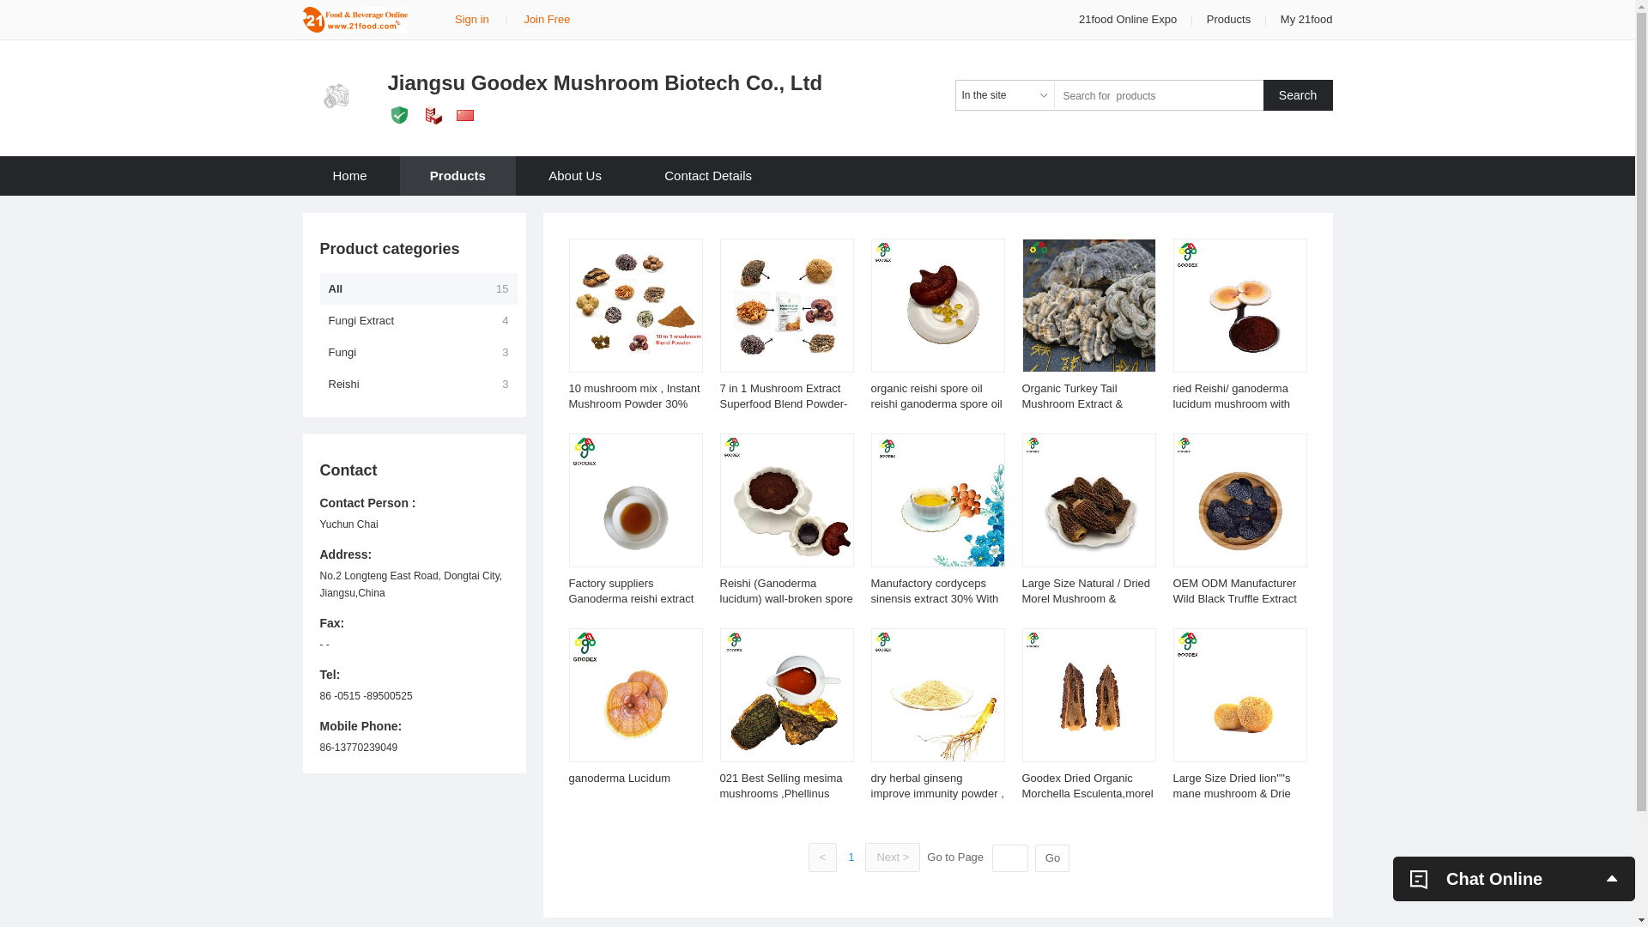  What do you see at coordinates (1230, 403) in the screenshot?
I see `'ried Reishi/ ganoderma lucidum mushroom with high quality'` at bounding box center [1230, 403].